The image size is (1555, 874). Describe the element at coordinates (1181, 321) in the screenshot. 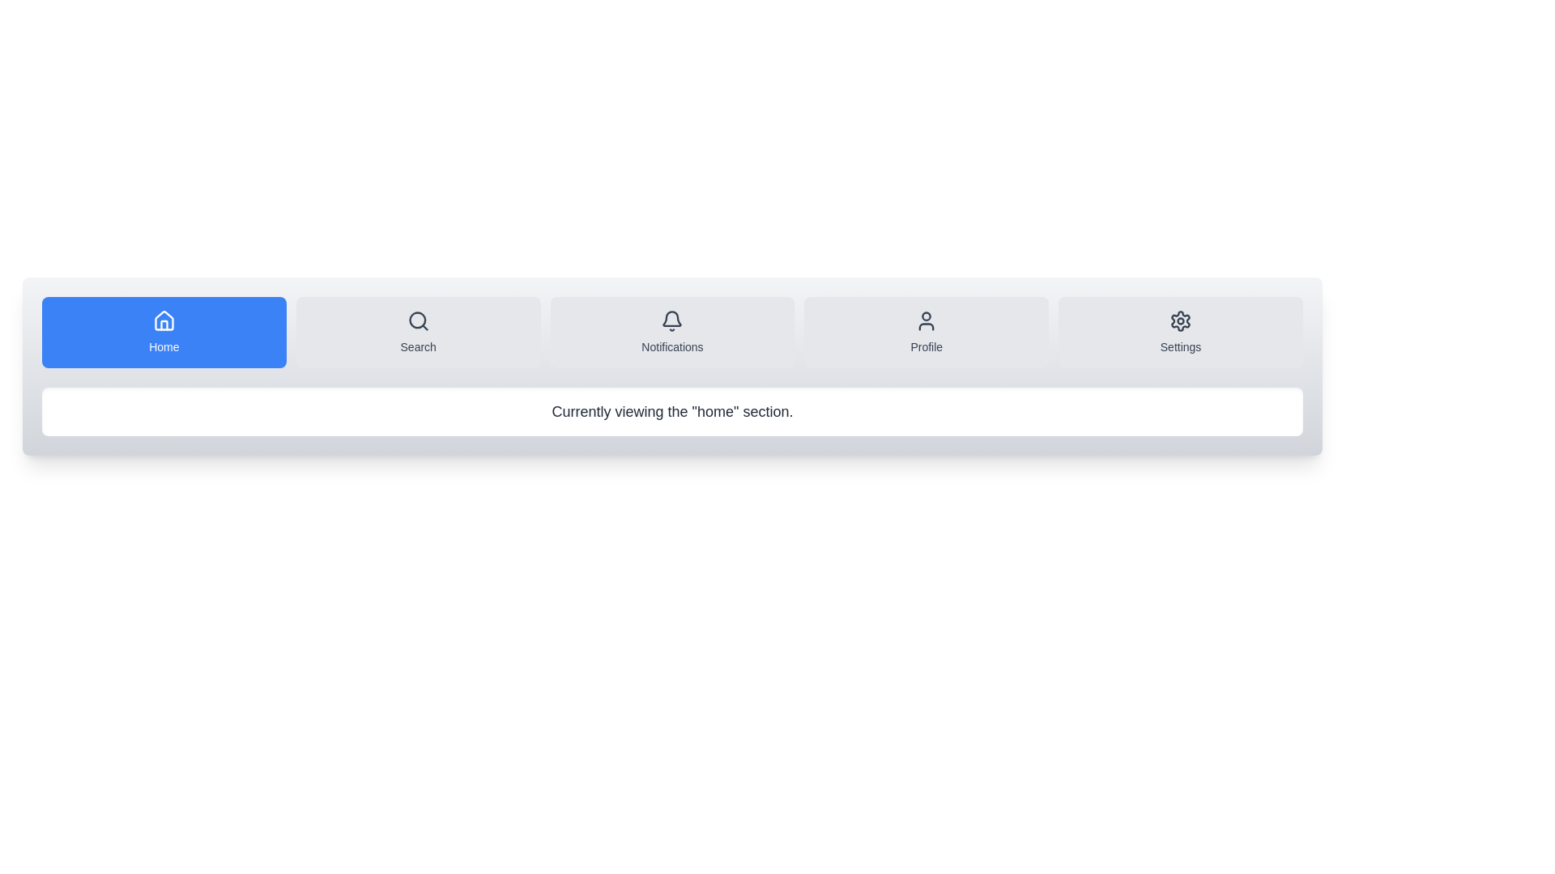

I see `the gear-shaped settings icon located at the top bar of the interface, centered above the text 'Settings'` at that location.